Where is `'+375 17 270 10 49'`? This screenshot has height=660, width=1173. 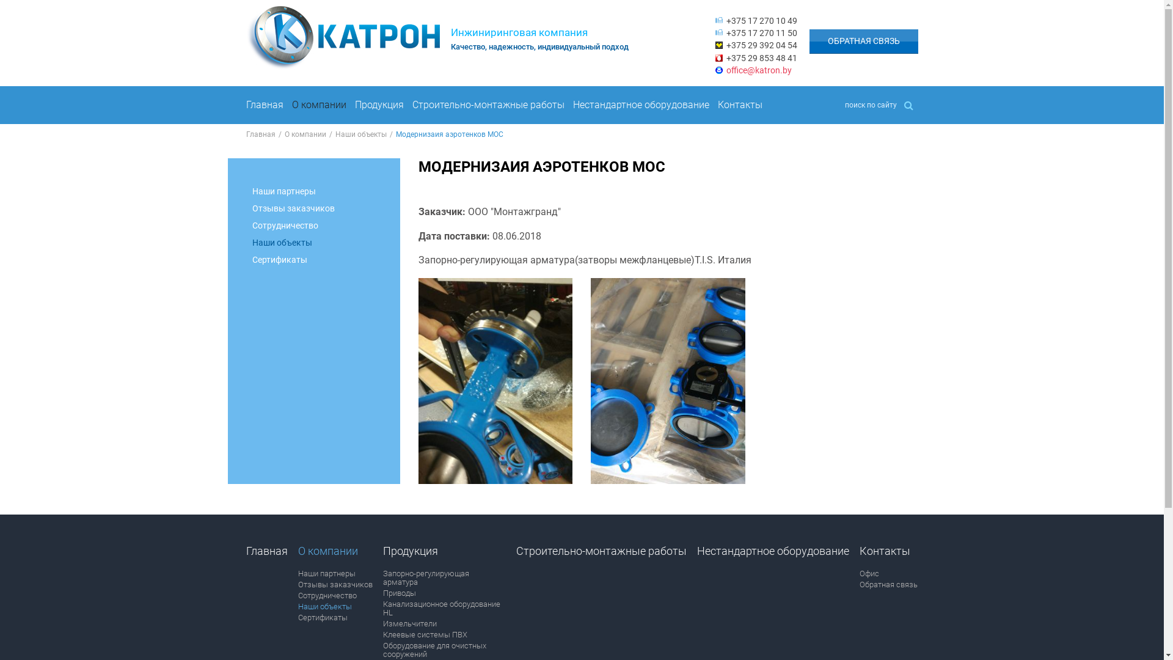 '+375 17 270 10 49' is located at coordinates (761, 21).